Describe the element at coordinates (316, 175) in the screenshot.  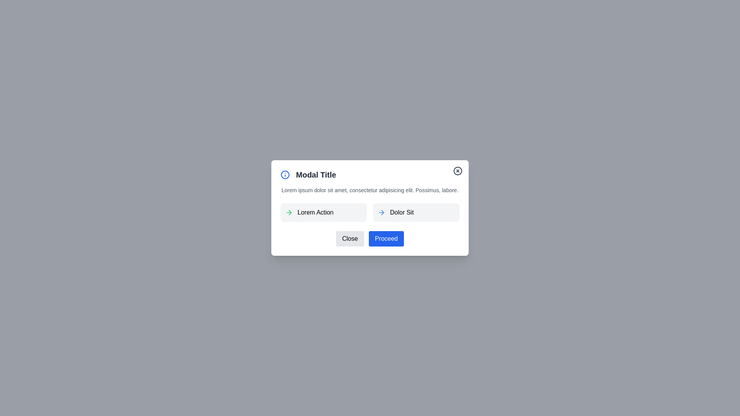
I see `text label located in the header section of the modal dialog, which serves as the title or heading, positioned to the right of an info icon` at that location.